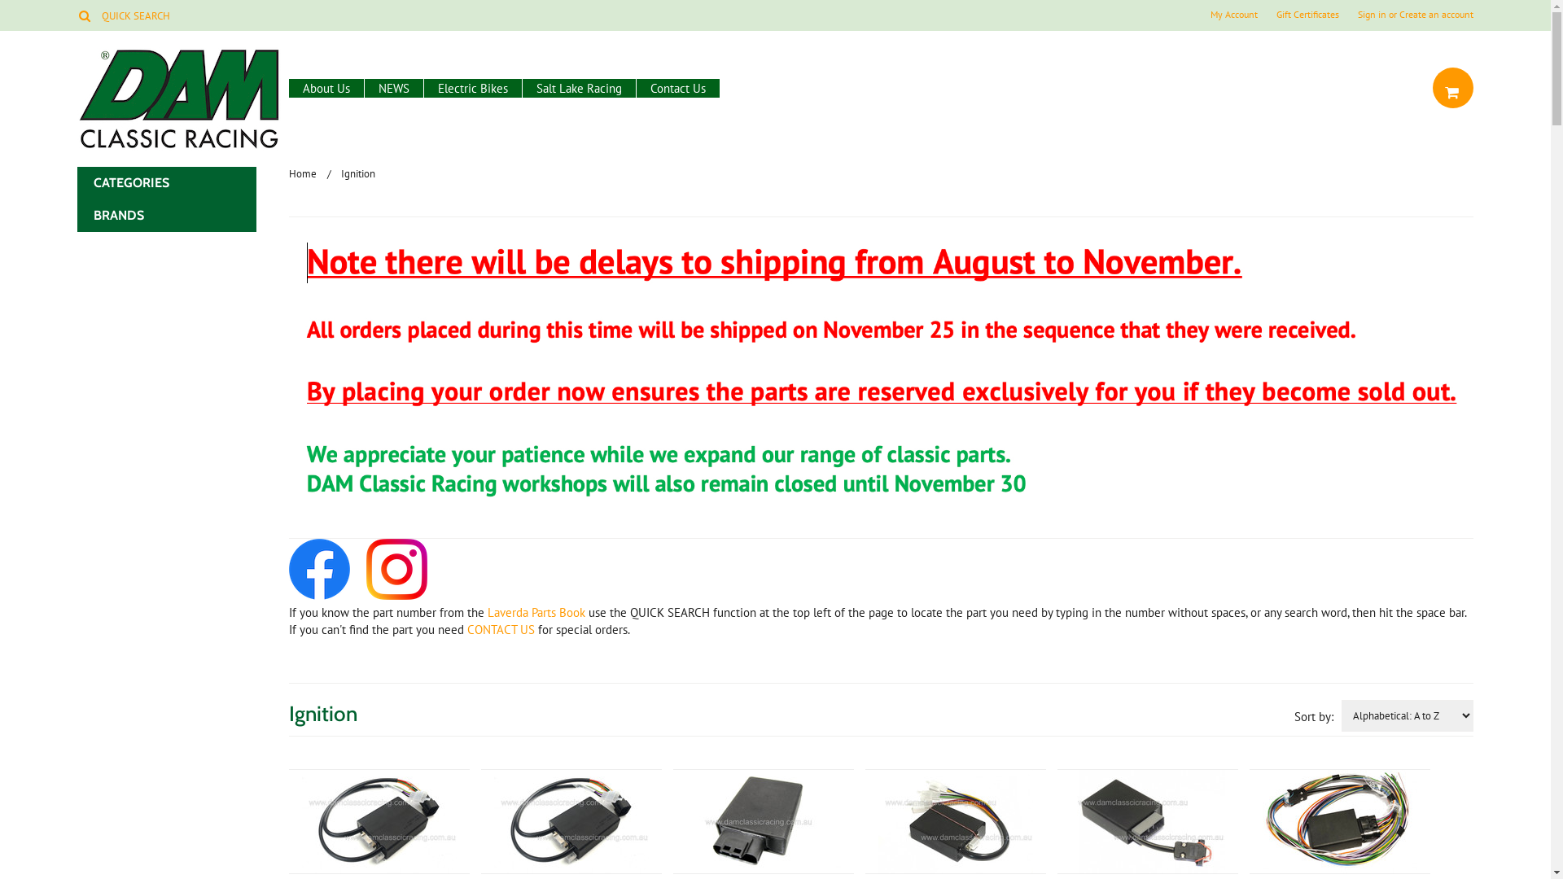 The height and width of the screenshot is (879, 1563). Describe the element at coordinates (1436, 15) in the screenshot. I see `'Create an account'` at that location.